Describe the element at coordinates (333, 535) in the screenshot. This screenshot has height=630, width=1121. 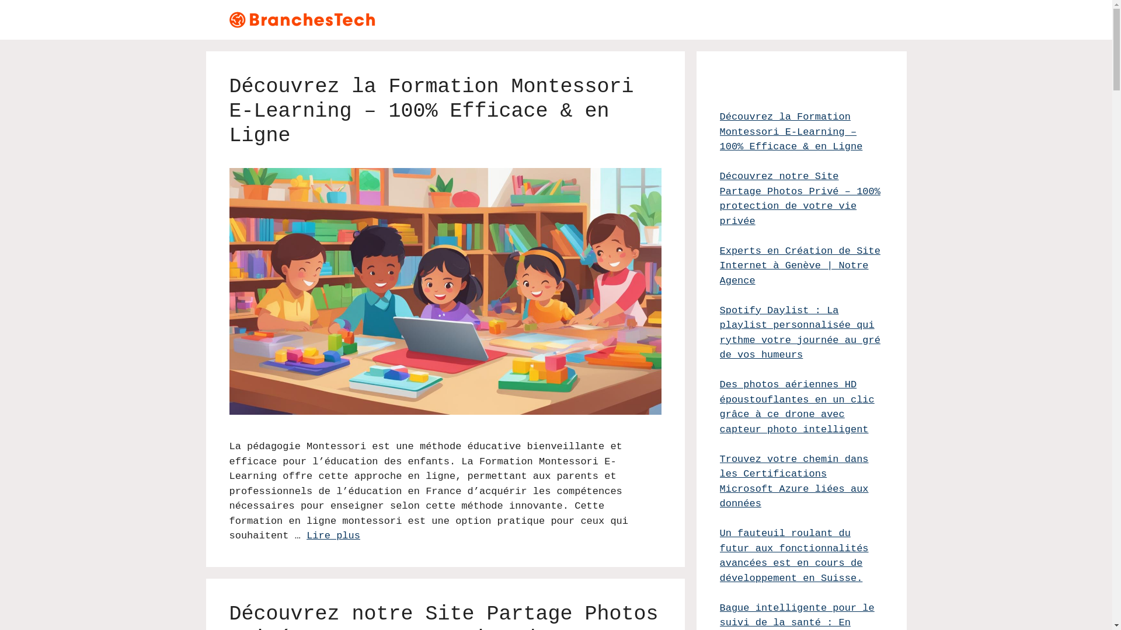
I see `'Lire plus'` at that location.